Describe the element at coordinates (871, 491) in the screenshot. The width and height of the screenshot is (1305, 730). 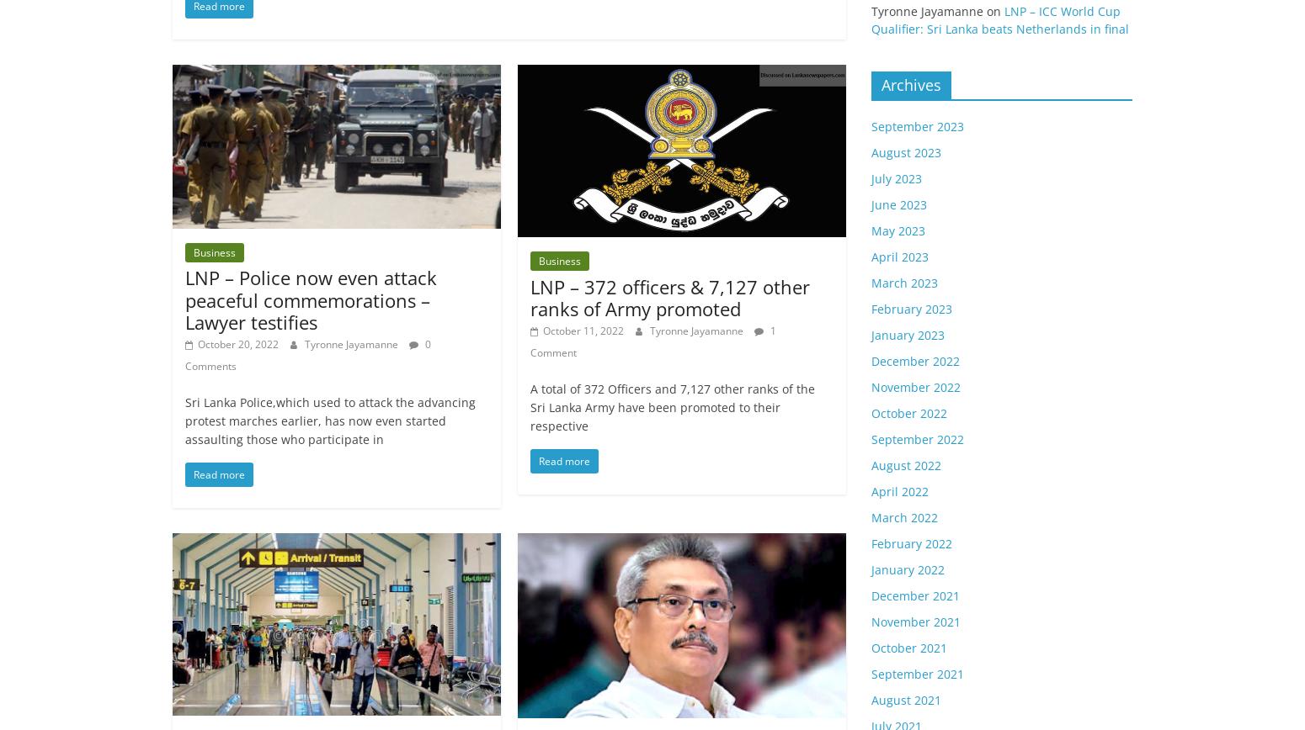
I see `'April 2022'` at that location.